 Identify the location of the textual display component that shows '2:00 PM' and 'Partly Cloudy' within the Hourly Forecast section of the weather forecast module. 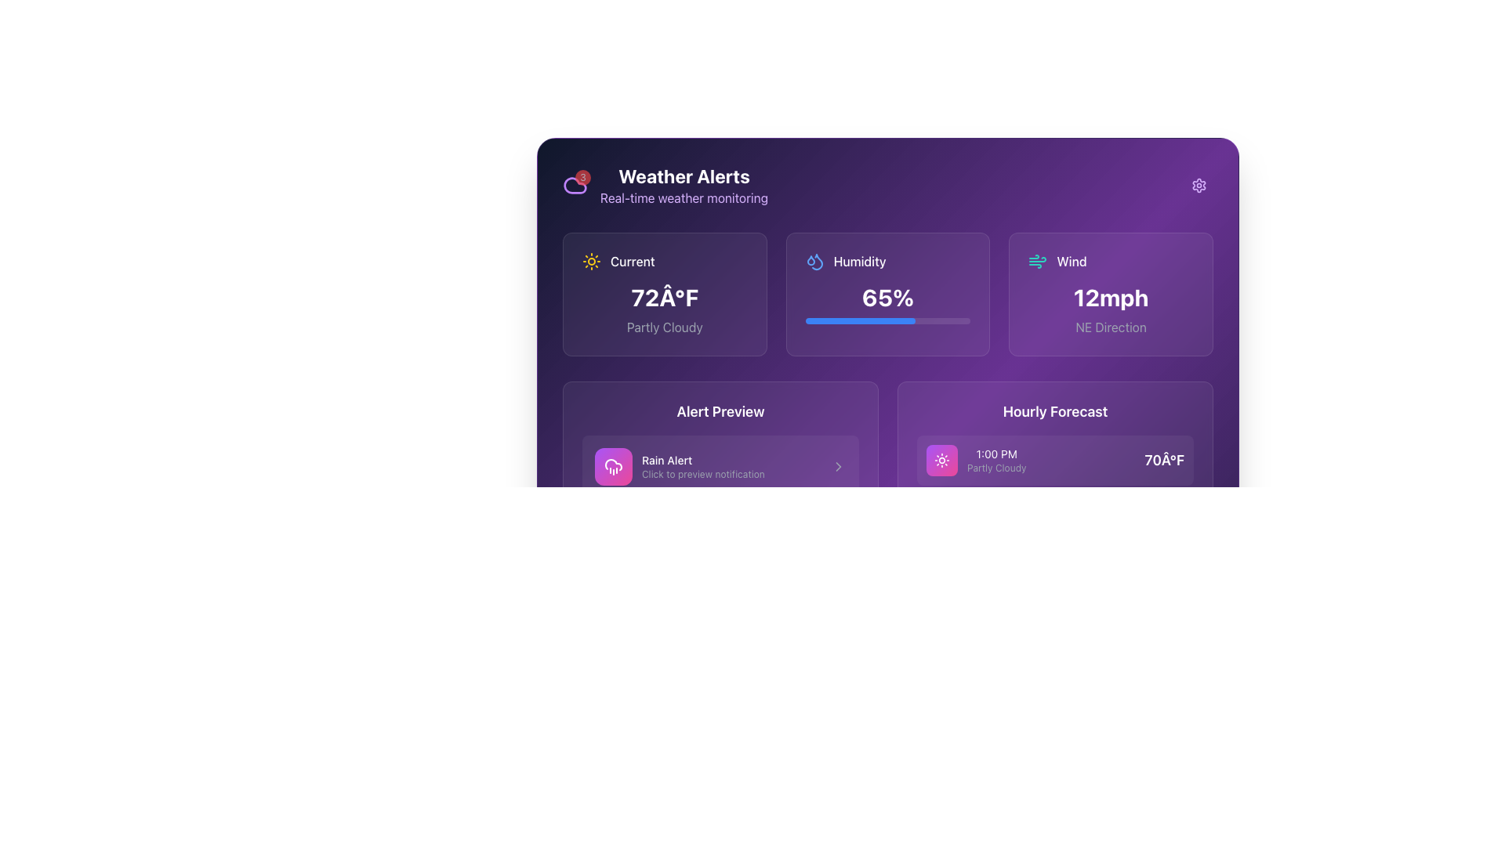
(995, 522).